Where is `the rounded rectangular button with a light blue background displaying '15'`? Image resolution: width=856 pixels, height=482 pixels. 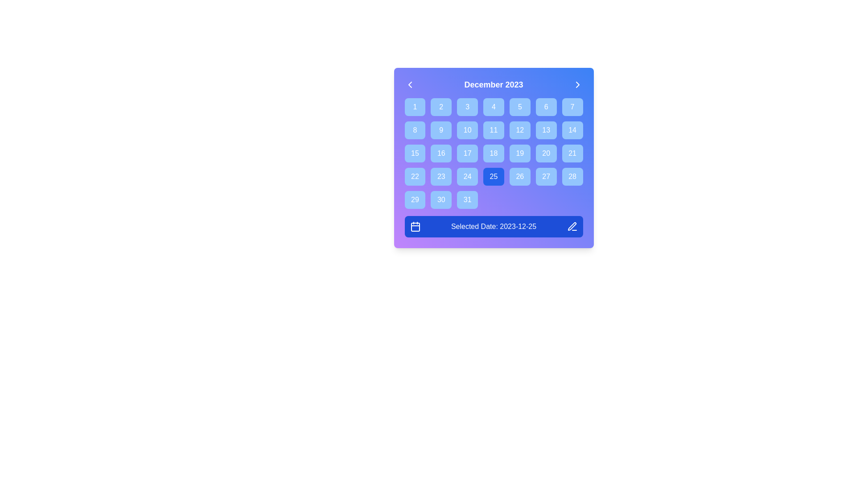
the rounded rectangular button with a light blue background displaying '15' is located at coordinates (415, 153).